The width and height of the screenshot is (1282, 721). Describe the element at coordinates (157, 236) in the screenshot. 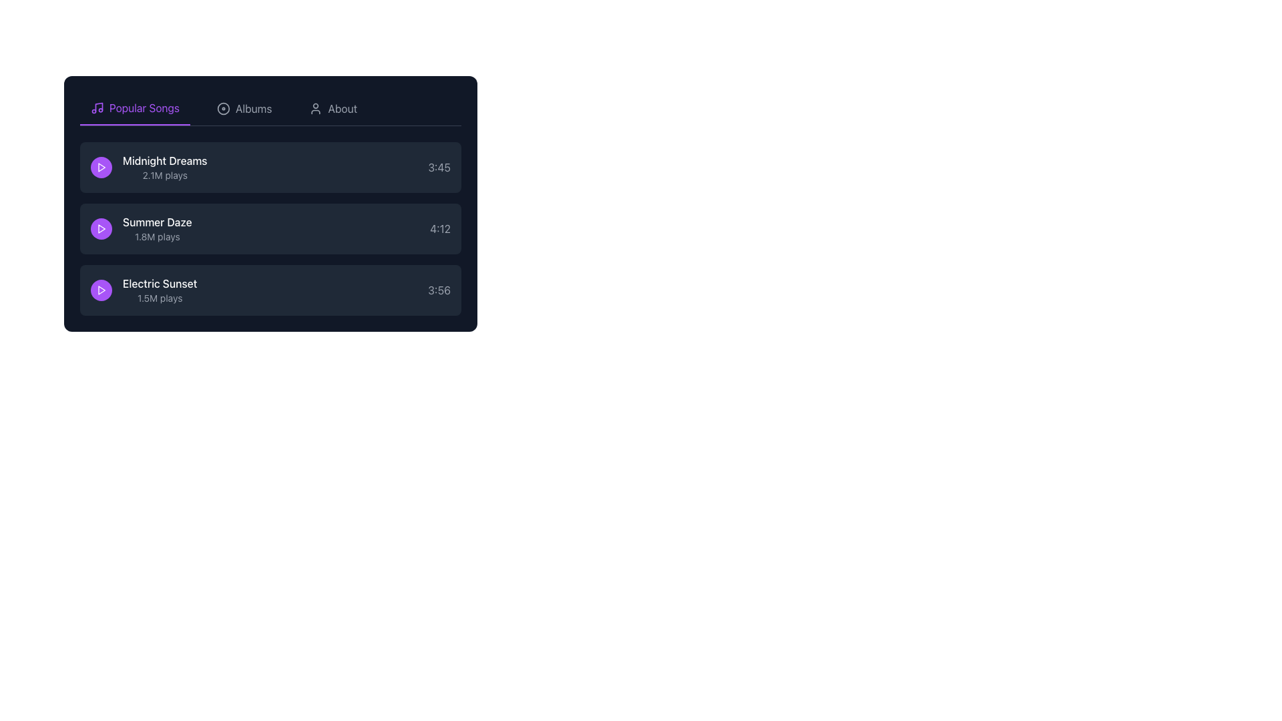

I see `the text label displaying '1.8M plays' located below the title 'Summer Daze' in the second row of the 'Popular Songs' interface` at that location.